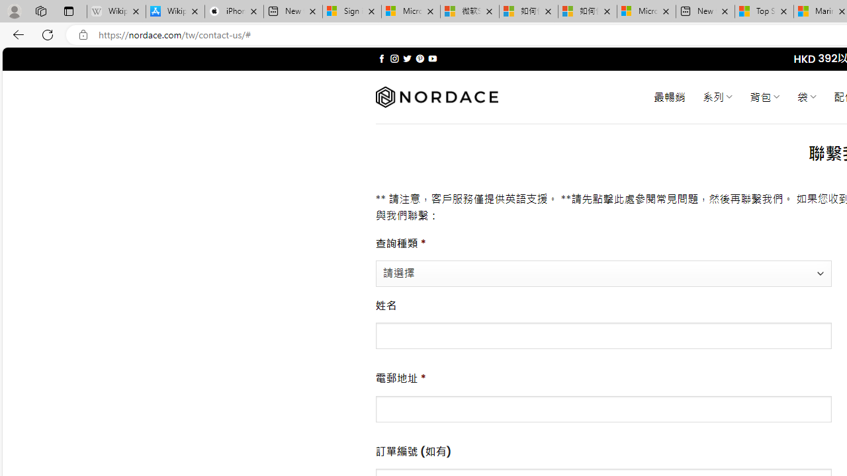 The height and width of the screenshot is (476, 847). What do you see at coordinates (234, 11) in the screenshot?
I see `'iPhone - Apple'` at bounding box center [234, 11].